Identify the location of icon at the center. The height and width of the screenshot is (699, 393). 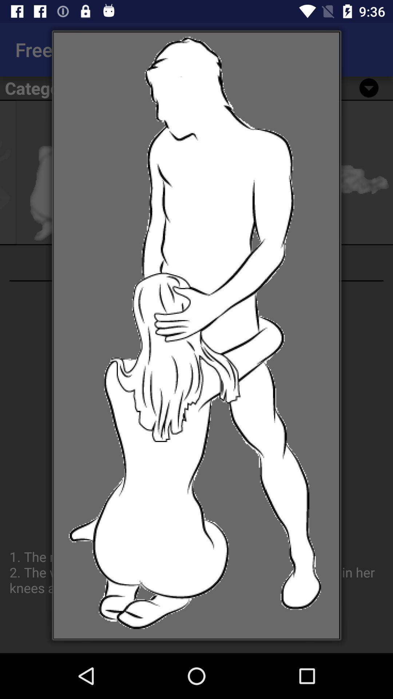
(196, 335).